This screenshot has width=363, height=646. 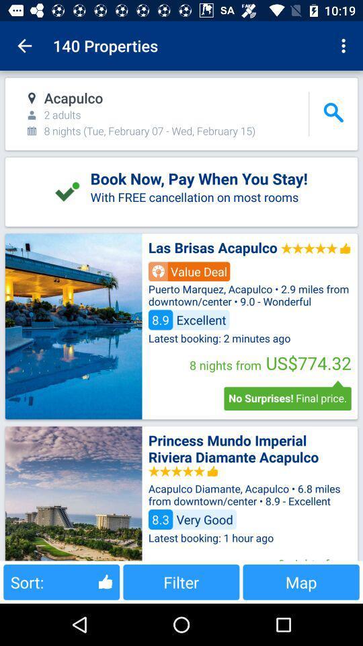 What do you see at coordinates (181, 581) in the screenshot?
I see `the item to the right of the sort:  icon` at bounding box center [181, 581].